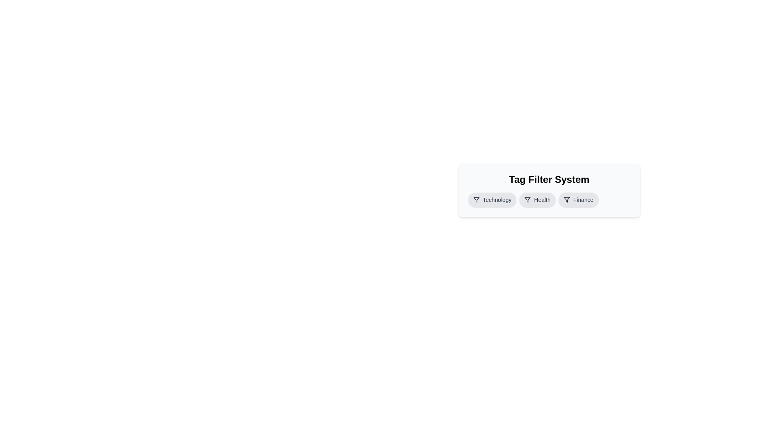  I want to click on the tag labeled Technology to inspect its label, so click(492, 199).